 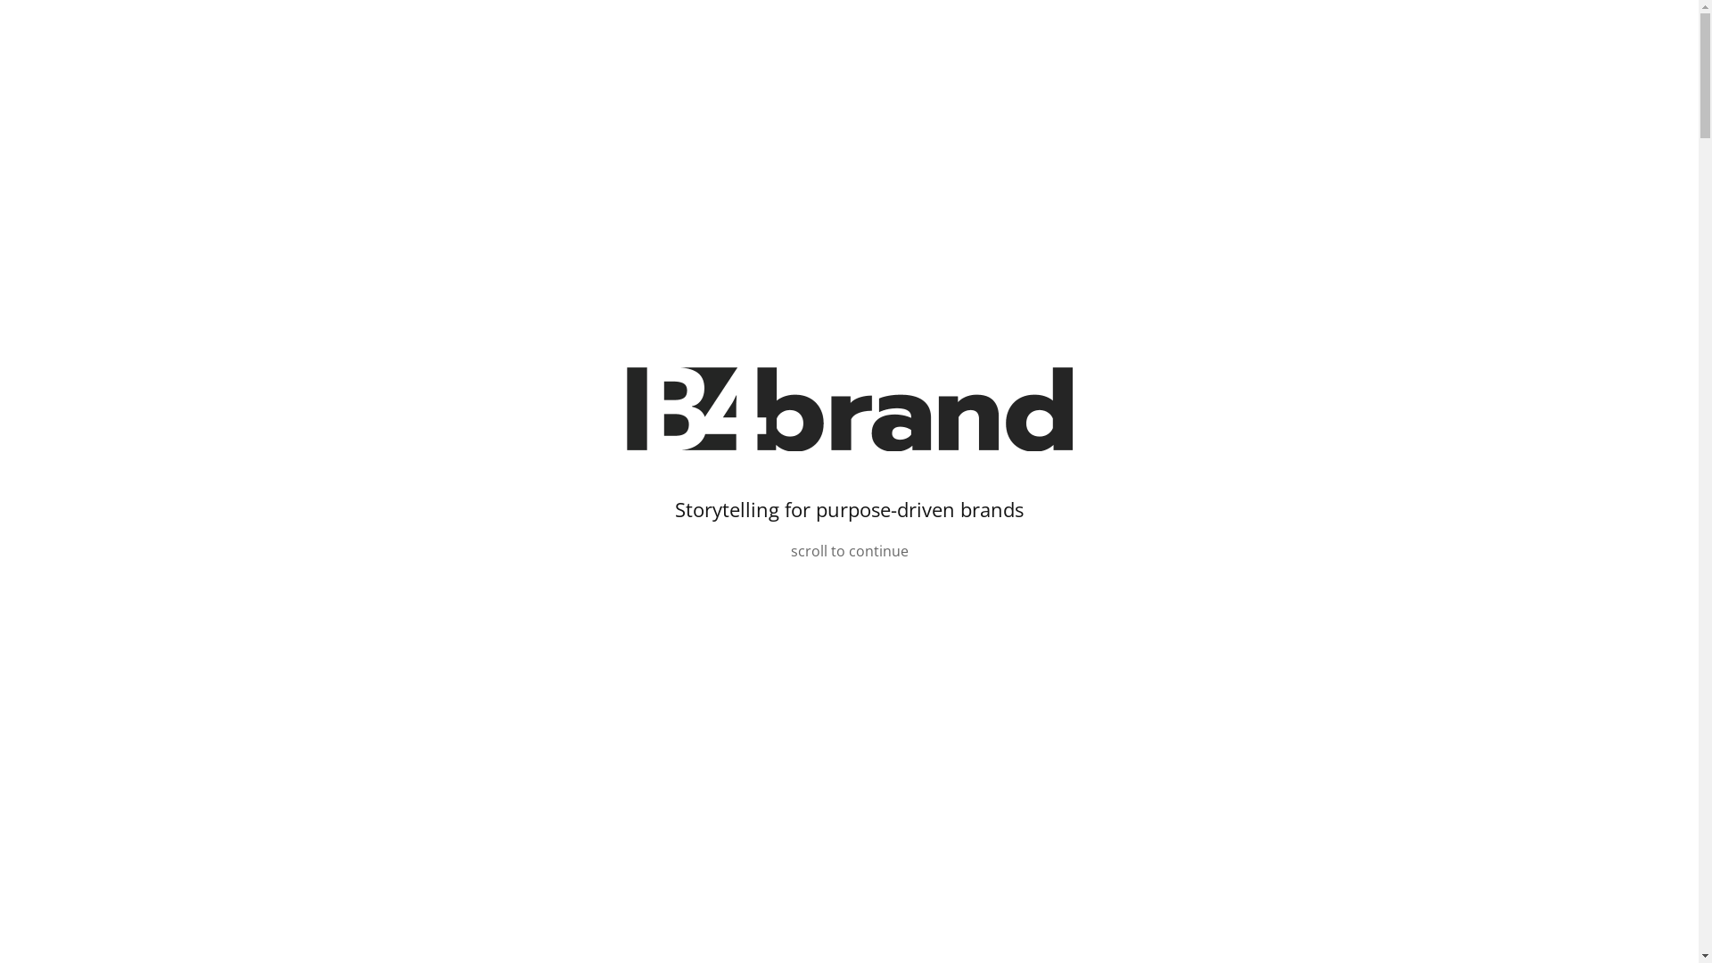 What do you see at coordinates (847, 409) in the screenshot?
I see `'B4brand logo'` at bounding box center [847, 409].